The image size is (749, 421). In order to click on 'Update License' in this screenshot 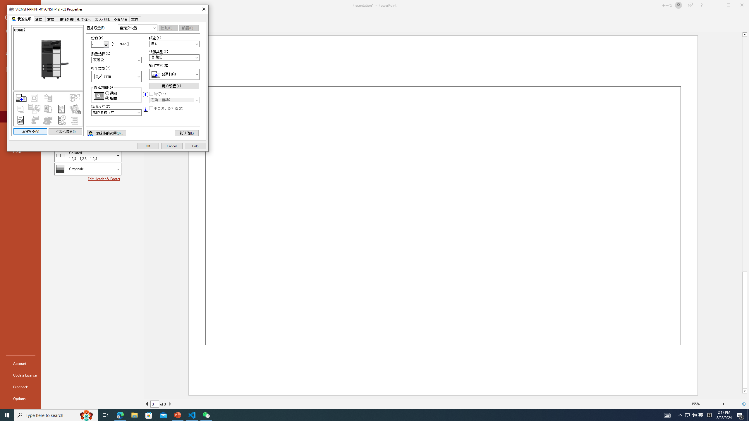, I will do `click(20, 375)`.